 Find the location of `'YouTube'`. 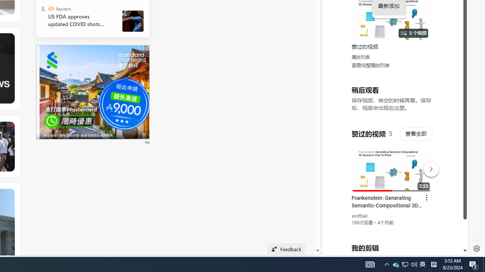

'YouTube' is located at coordinates (392, 163).